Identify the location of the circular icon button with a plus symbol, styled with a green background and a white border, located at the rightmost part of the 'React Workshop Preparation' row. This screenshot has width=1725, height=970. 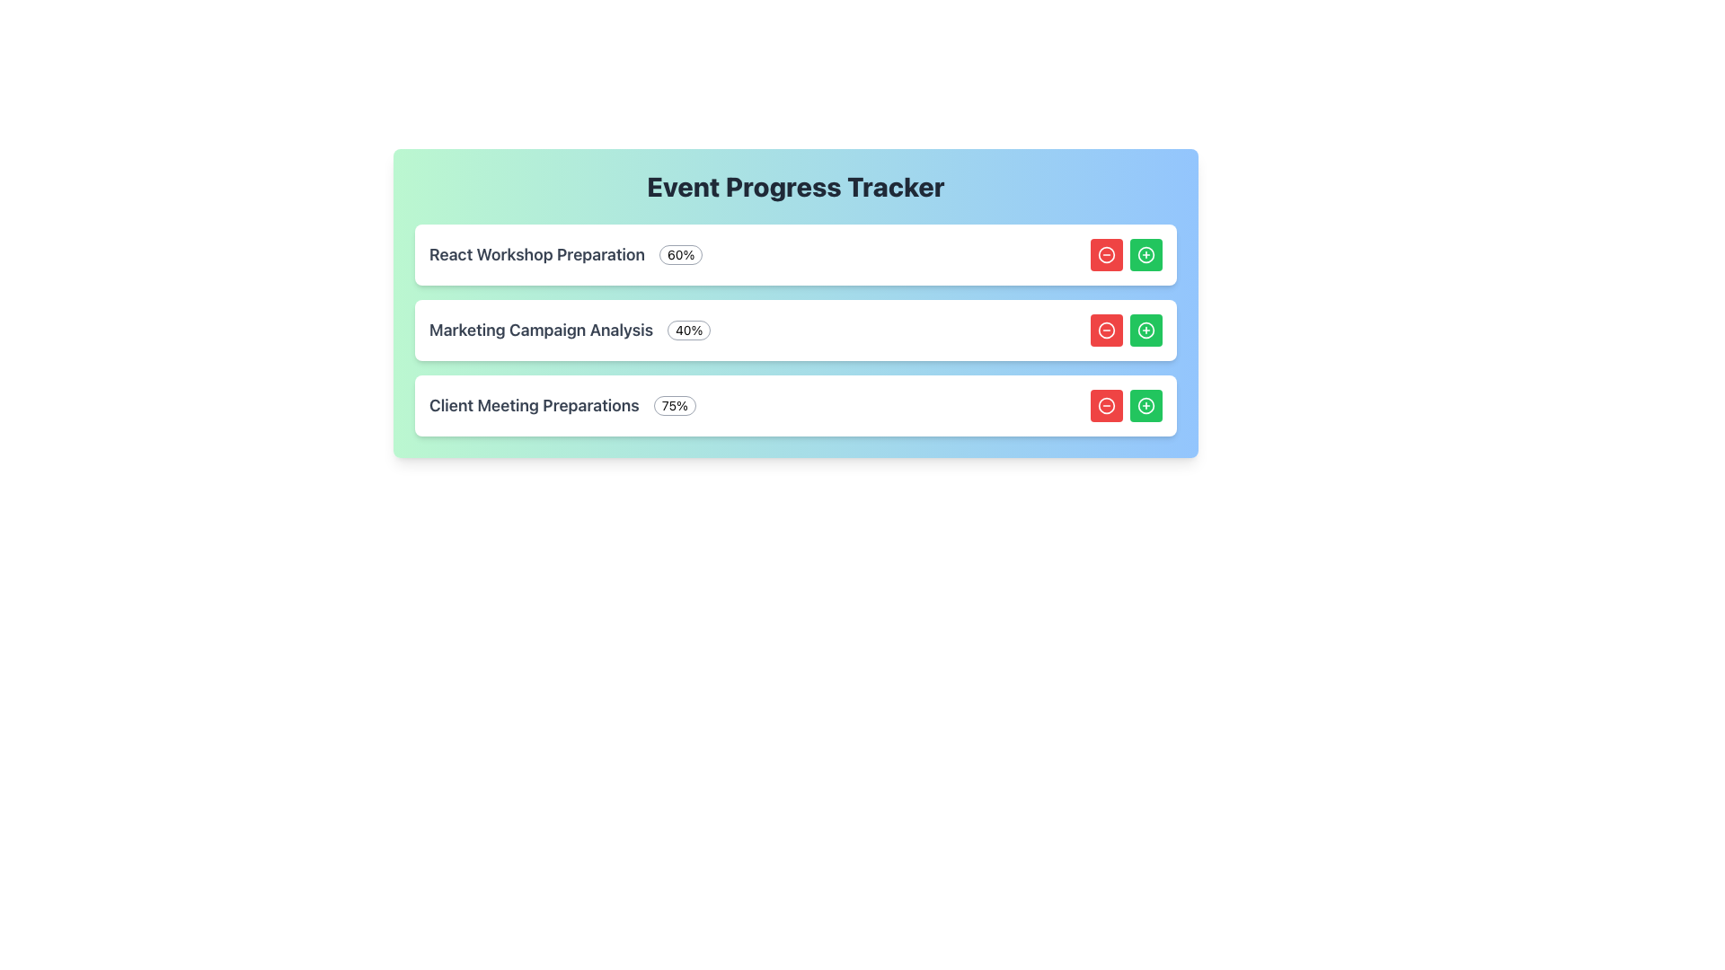
(1146, 255).